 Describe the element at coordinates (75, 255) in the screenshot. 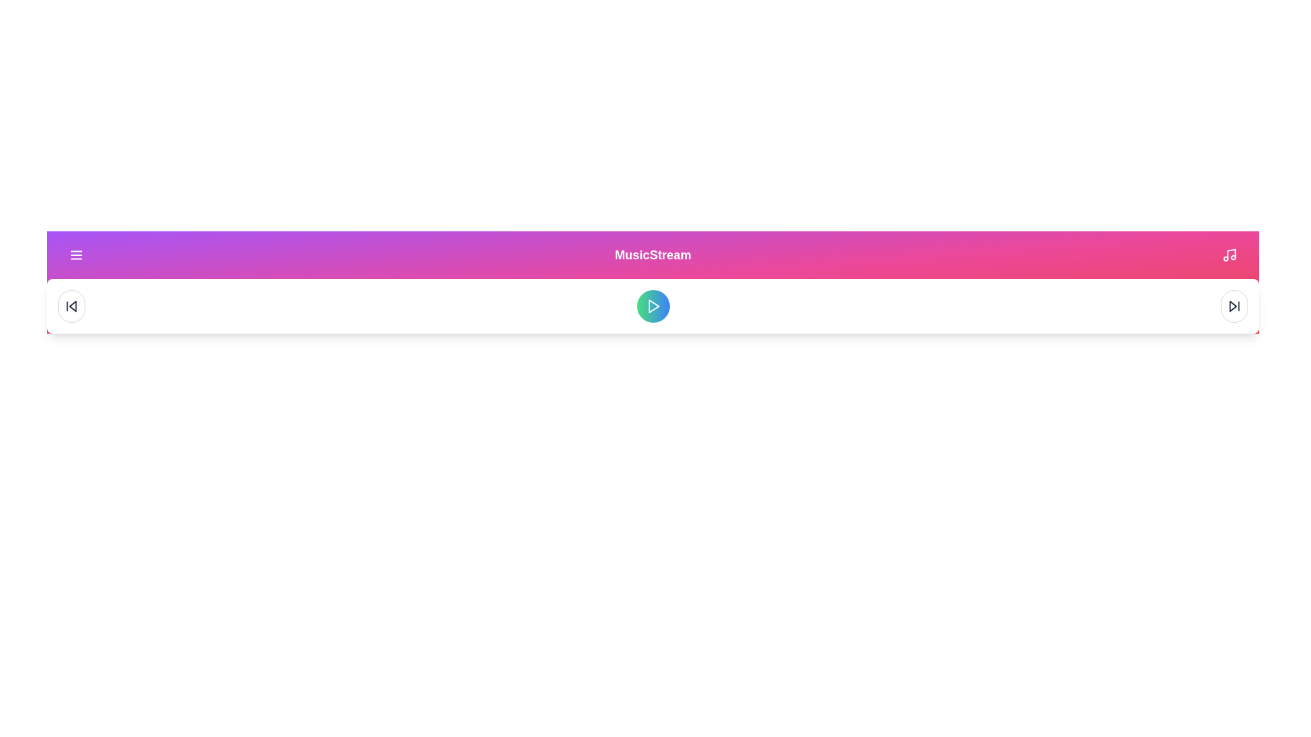

I see `the menu icon button to toggle the menu visibility` at that location.